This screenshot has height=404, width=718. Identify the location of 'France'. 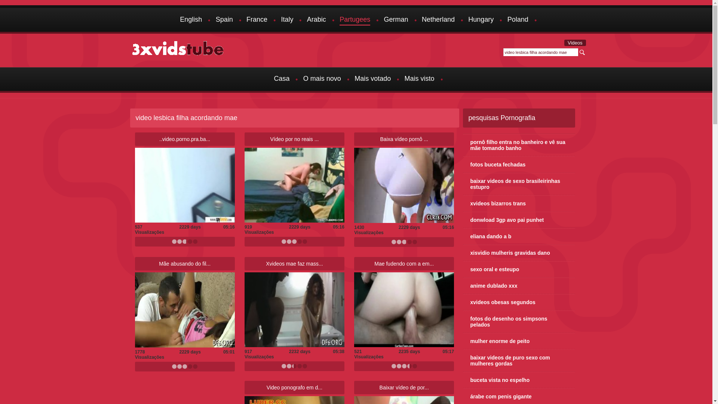
(257, 20).